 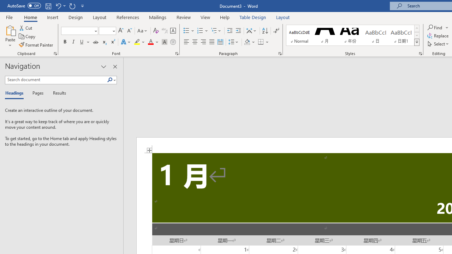 I want to click on 'Grow Font', so click(x=121, y=30).